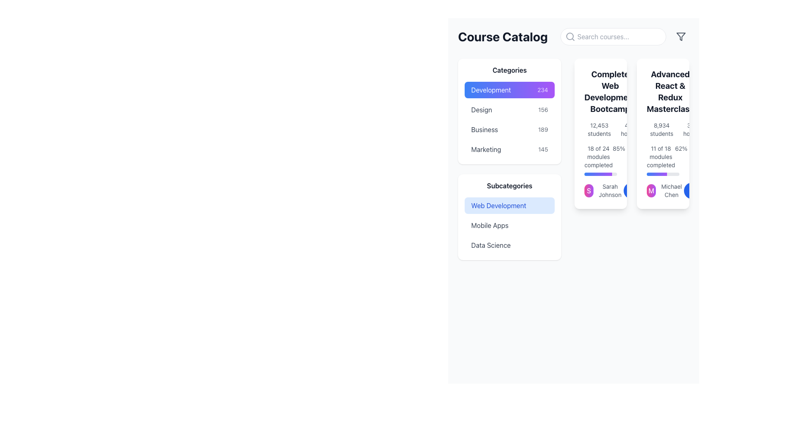 This screenshot has height=446, width=793. I want to click on the static text element that serves as the title of the course card, located at the top of the card in a horizontally aligned grid, so click(663, 92).